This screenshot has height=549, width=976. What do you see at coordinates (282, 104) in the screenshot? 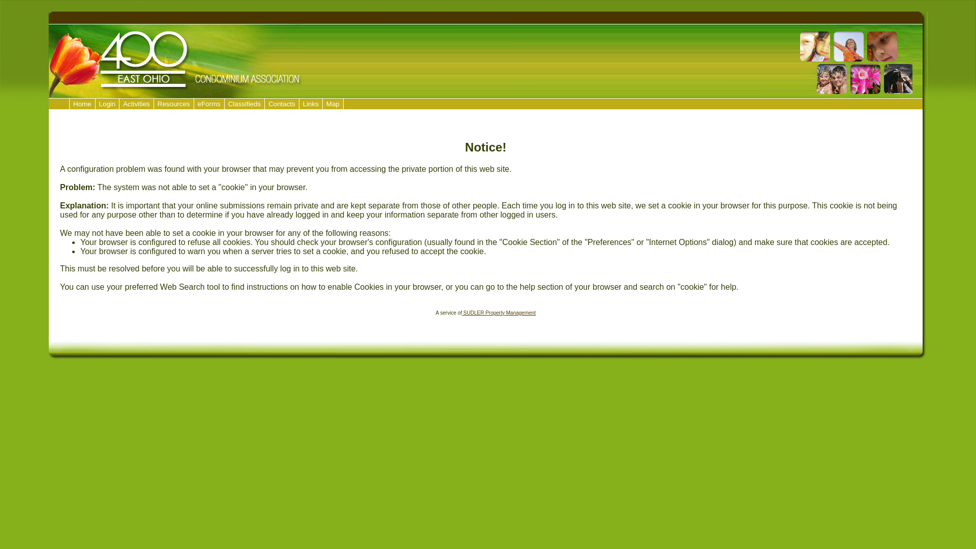
I see `'Contacts'` at bounding box center [282, 104].